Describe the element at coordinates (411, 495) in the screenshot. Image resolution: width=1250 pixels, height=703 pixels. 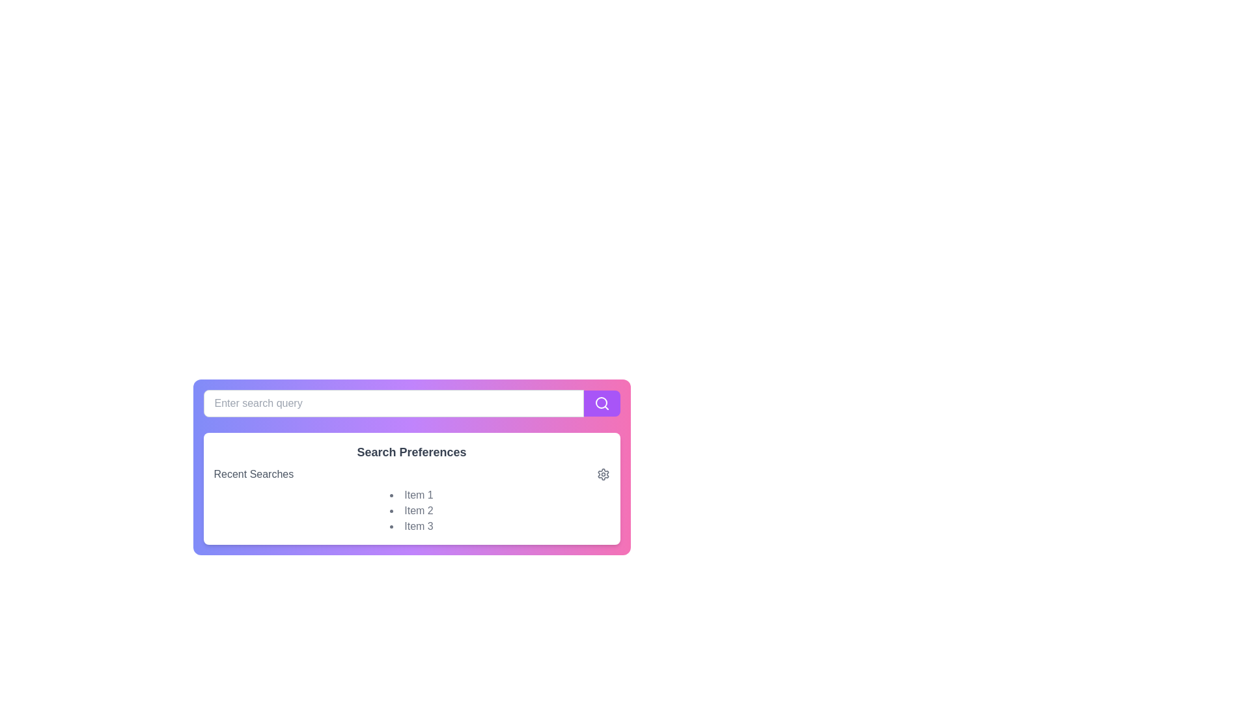
I see `the first static text item in the 'Recent Searches' section, which is displayed directly below the section title` at that location.